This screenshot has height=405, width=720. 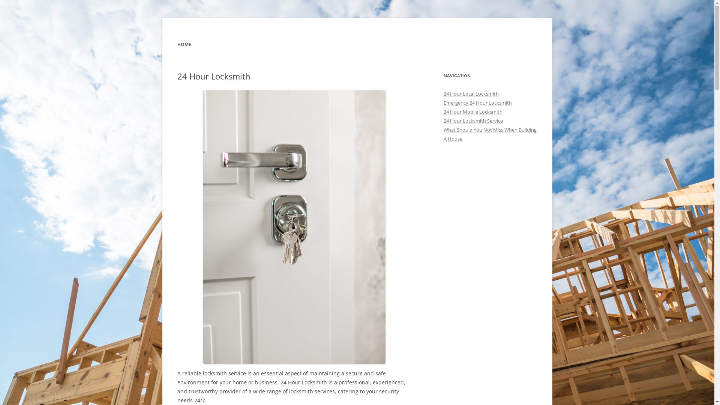 What do you see at coordinates (443, 120) in the screenshot?
I see `'24 Hour Locksmith Service'` at bounding box center [443, 120].